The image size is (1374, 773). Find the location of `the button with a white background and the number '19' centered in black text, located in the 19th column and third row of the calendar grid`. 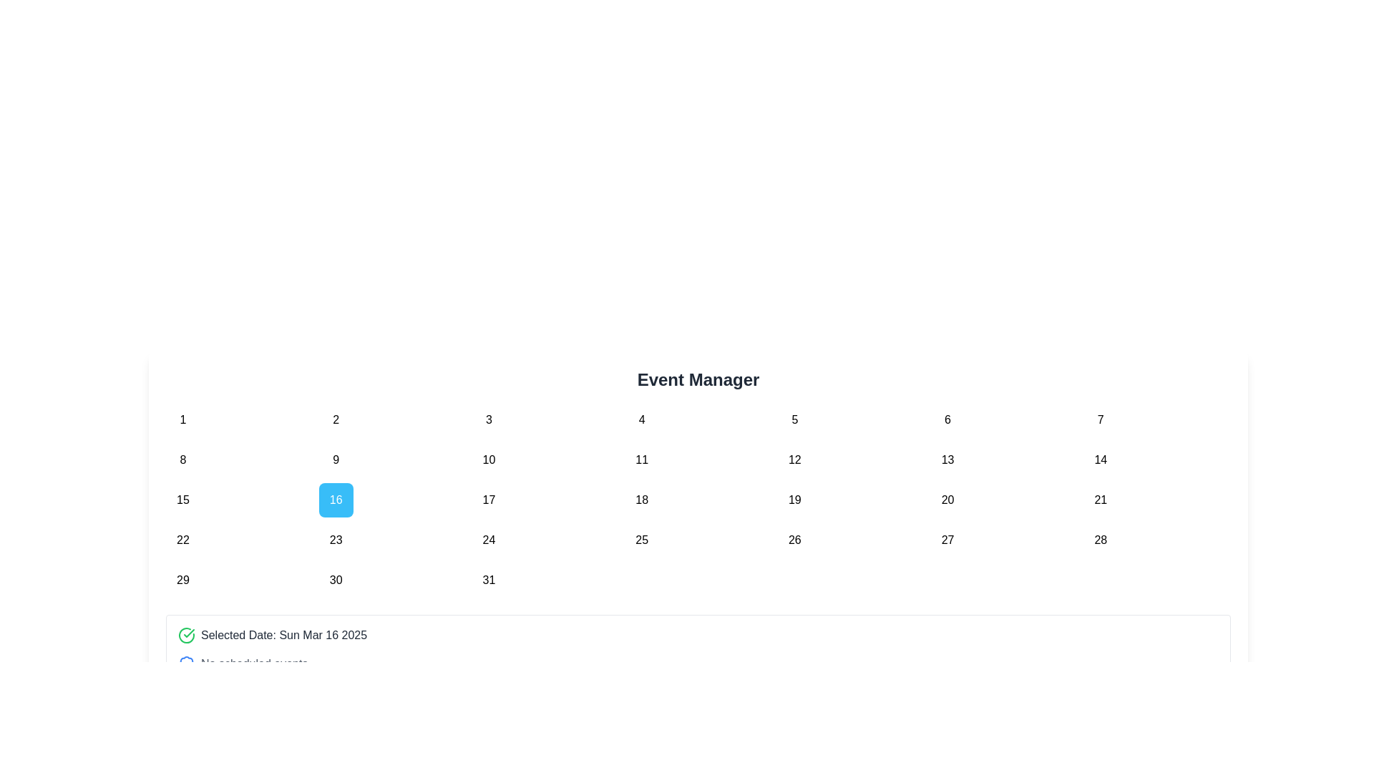

the button with a white background and the number '19' centered in black text, located in the 19th column and third row of the calendar grid is located at coordinates (794, 499).